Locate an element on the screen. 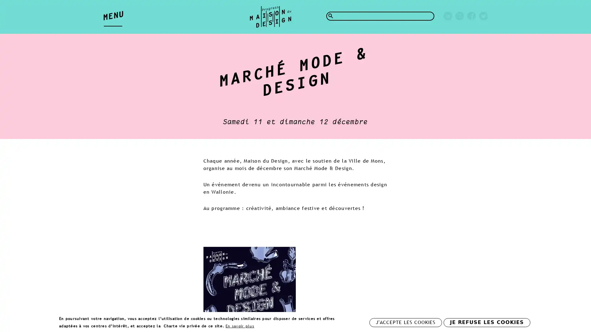 This screenshot has width=591, height=332. En savoir plus is located at coordinates (239, 326).